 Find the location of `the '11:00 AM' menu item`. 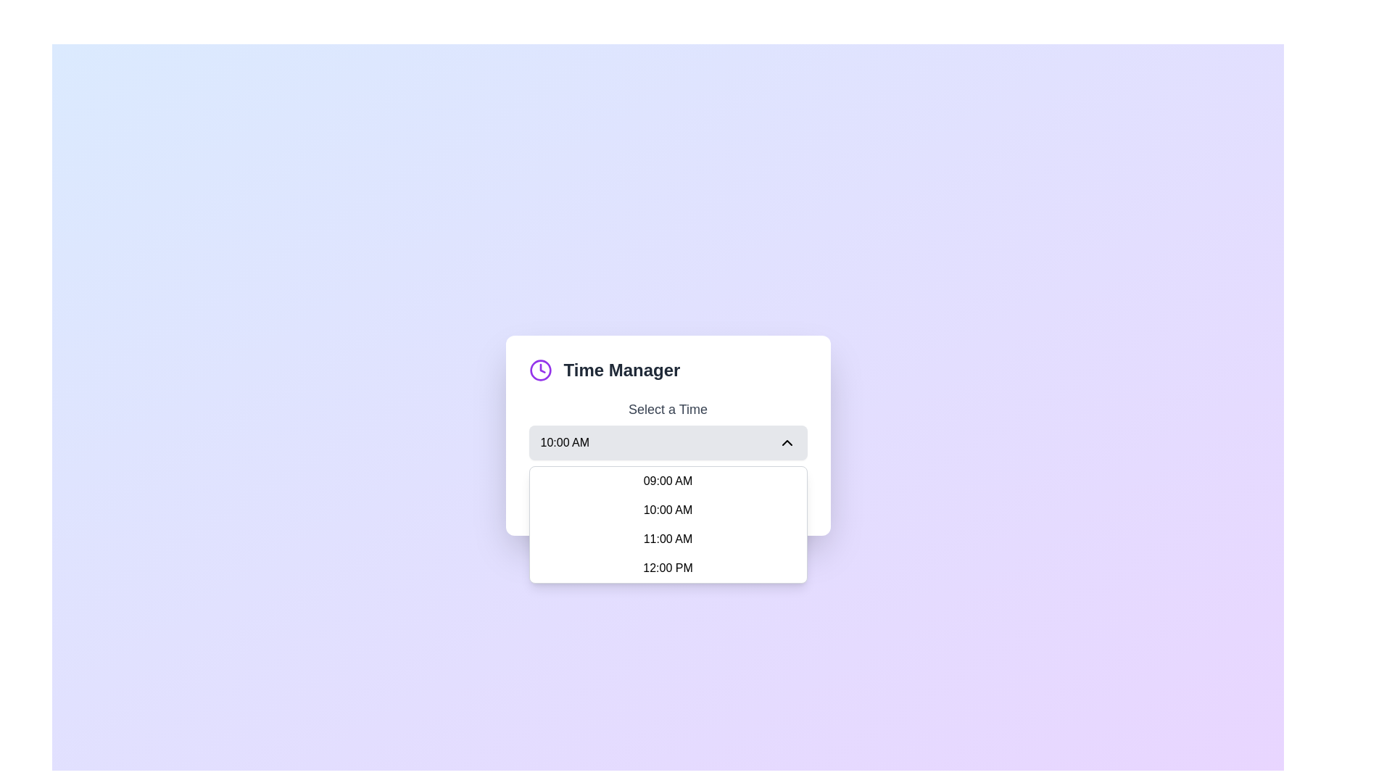

the '11:00 AM' menu item is located at coordinates (667, 539).